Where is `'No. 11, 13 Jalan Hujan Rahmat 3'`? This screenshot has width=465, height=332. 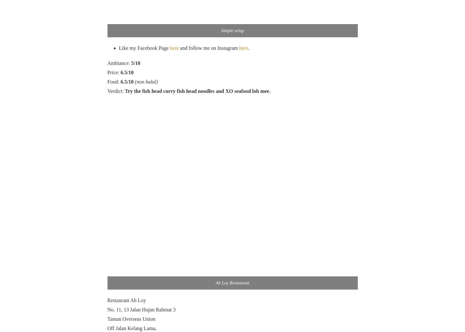
'No. 11, 13 Jalan Hujan Rahmat 3' is located at coordinates (141, 309).